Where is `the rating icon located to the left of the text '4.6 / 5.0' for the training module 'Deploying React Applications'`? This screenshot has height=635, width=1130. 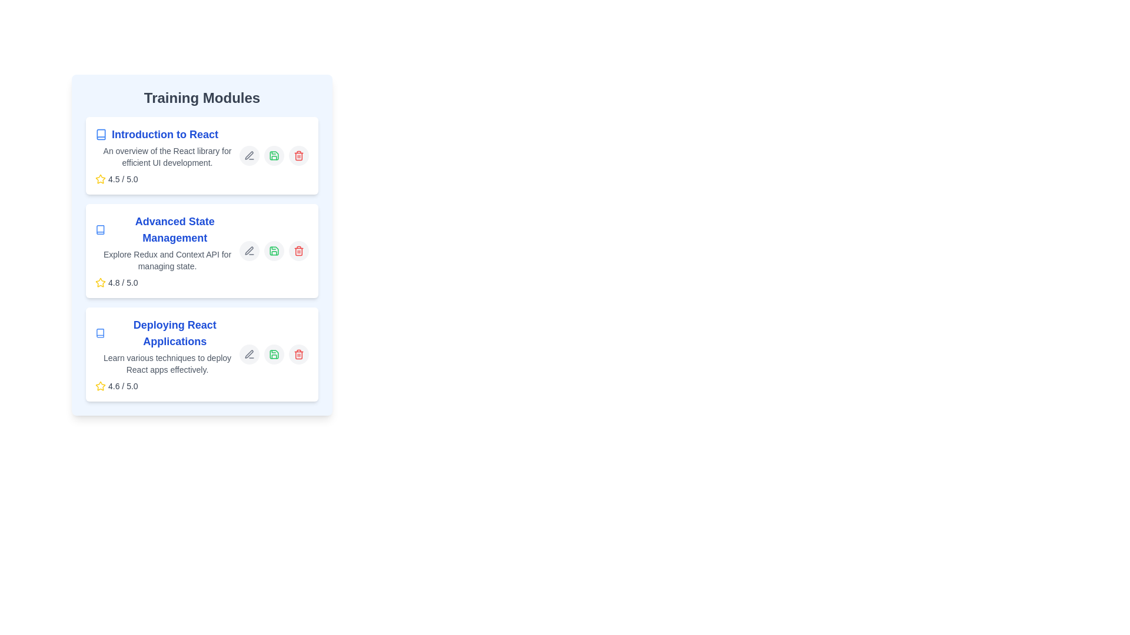 the rating icon located to the left of the text '4.6 / 5.0' for the training module 'Deploying React Applications' is located at coordinates (101, 386).